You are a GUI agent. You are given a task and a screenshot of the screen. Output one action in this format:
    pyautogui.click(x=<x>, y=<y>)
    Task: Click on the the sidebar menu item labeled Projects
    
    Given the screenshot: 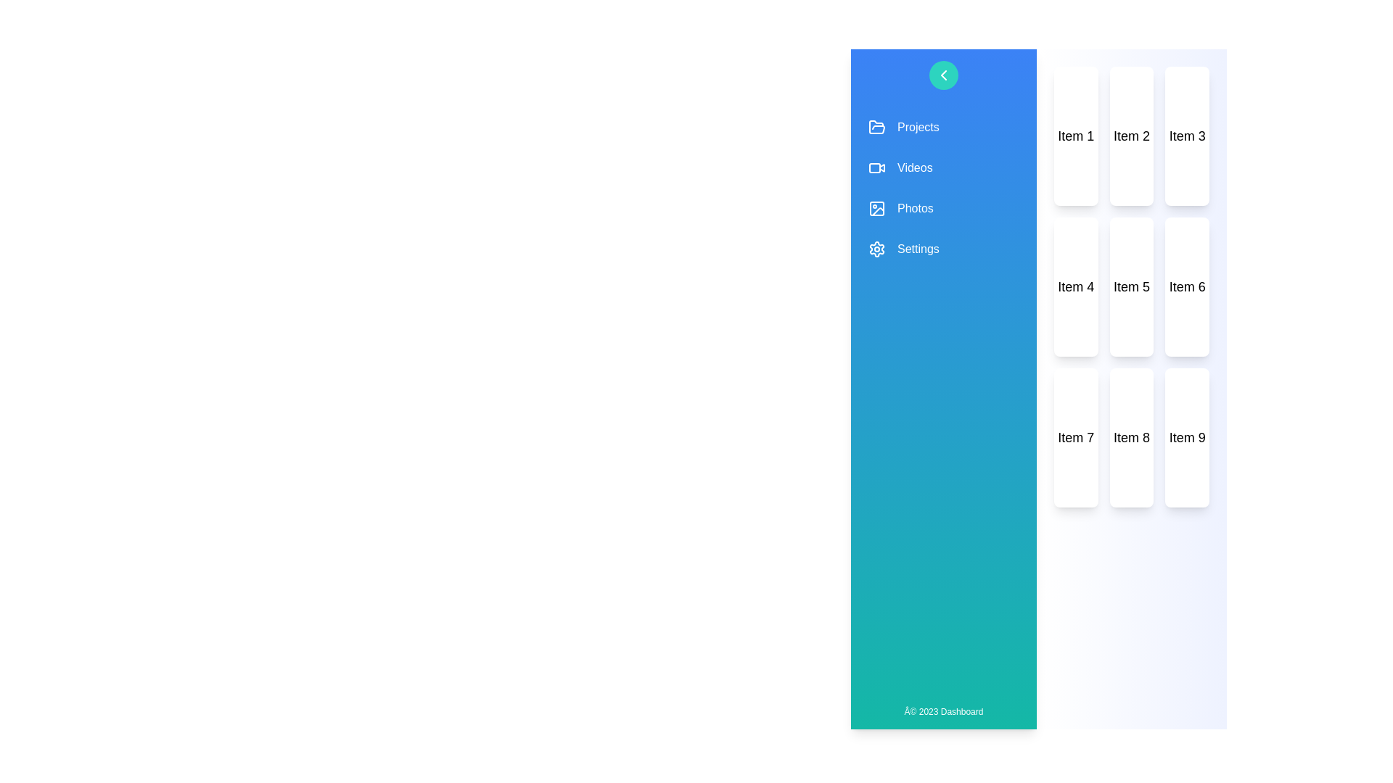 What is the action you would take?
    pyautogui.click(x=943, y=127)
    